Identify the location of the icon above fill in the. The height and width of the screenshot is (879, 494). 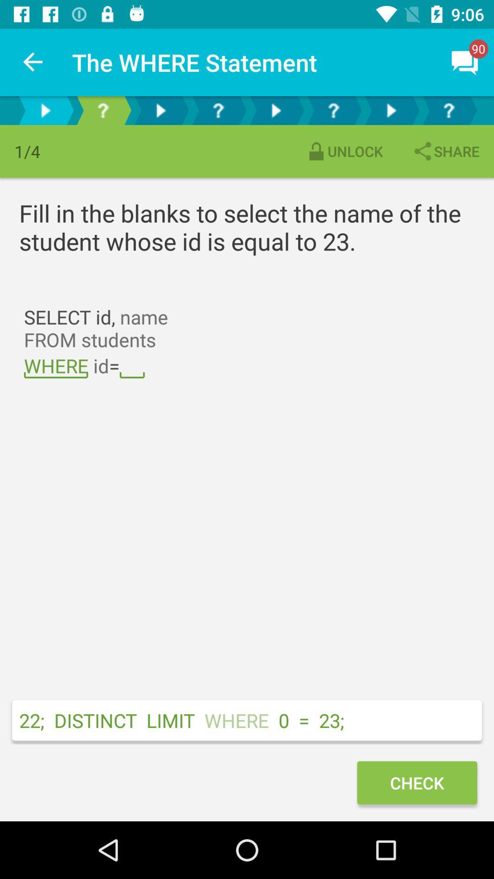
(344, 151).